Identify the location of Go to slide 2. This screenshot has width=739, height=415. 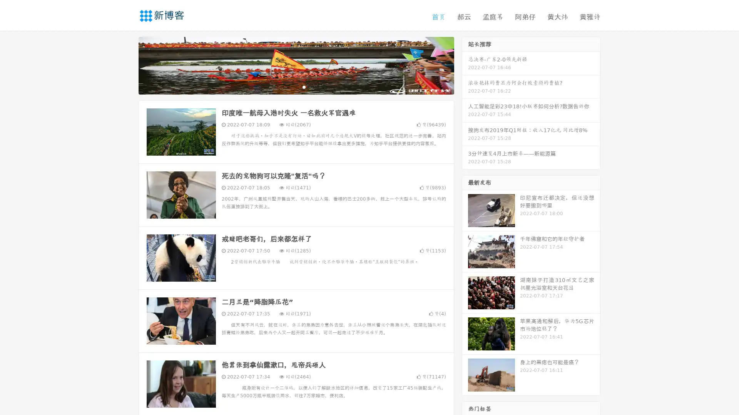
(296, 86).